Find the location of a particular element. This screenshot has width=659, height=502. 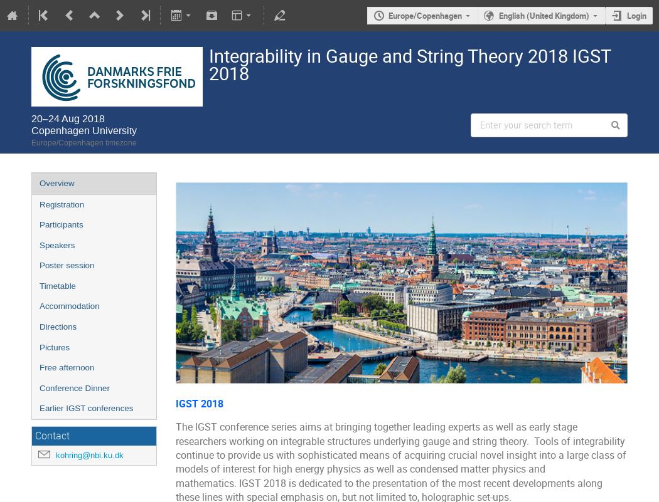

'Login' is located at coordinates (635, 15).